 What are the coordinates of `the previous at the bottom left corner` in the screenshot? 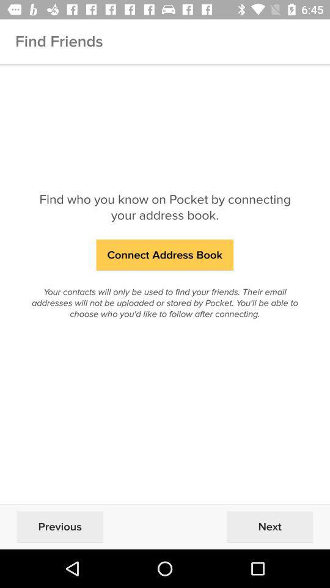 It's located at (59, 526).